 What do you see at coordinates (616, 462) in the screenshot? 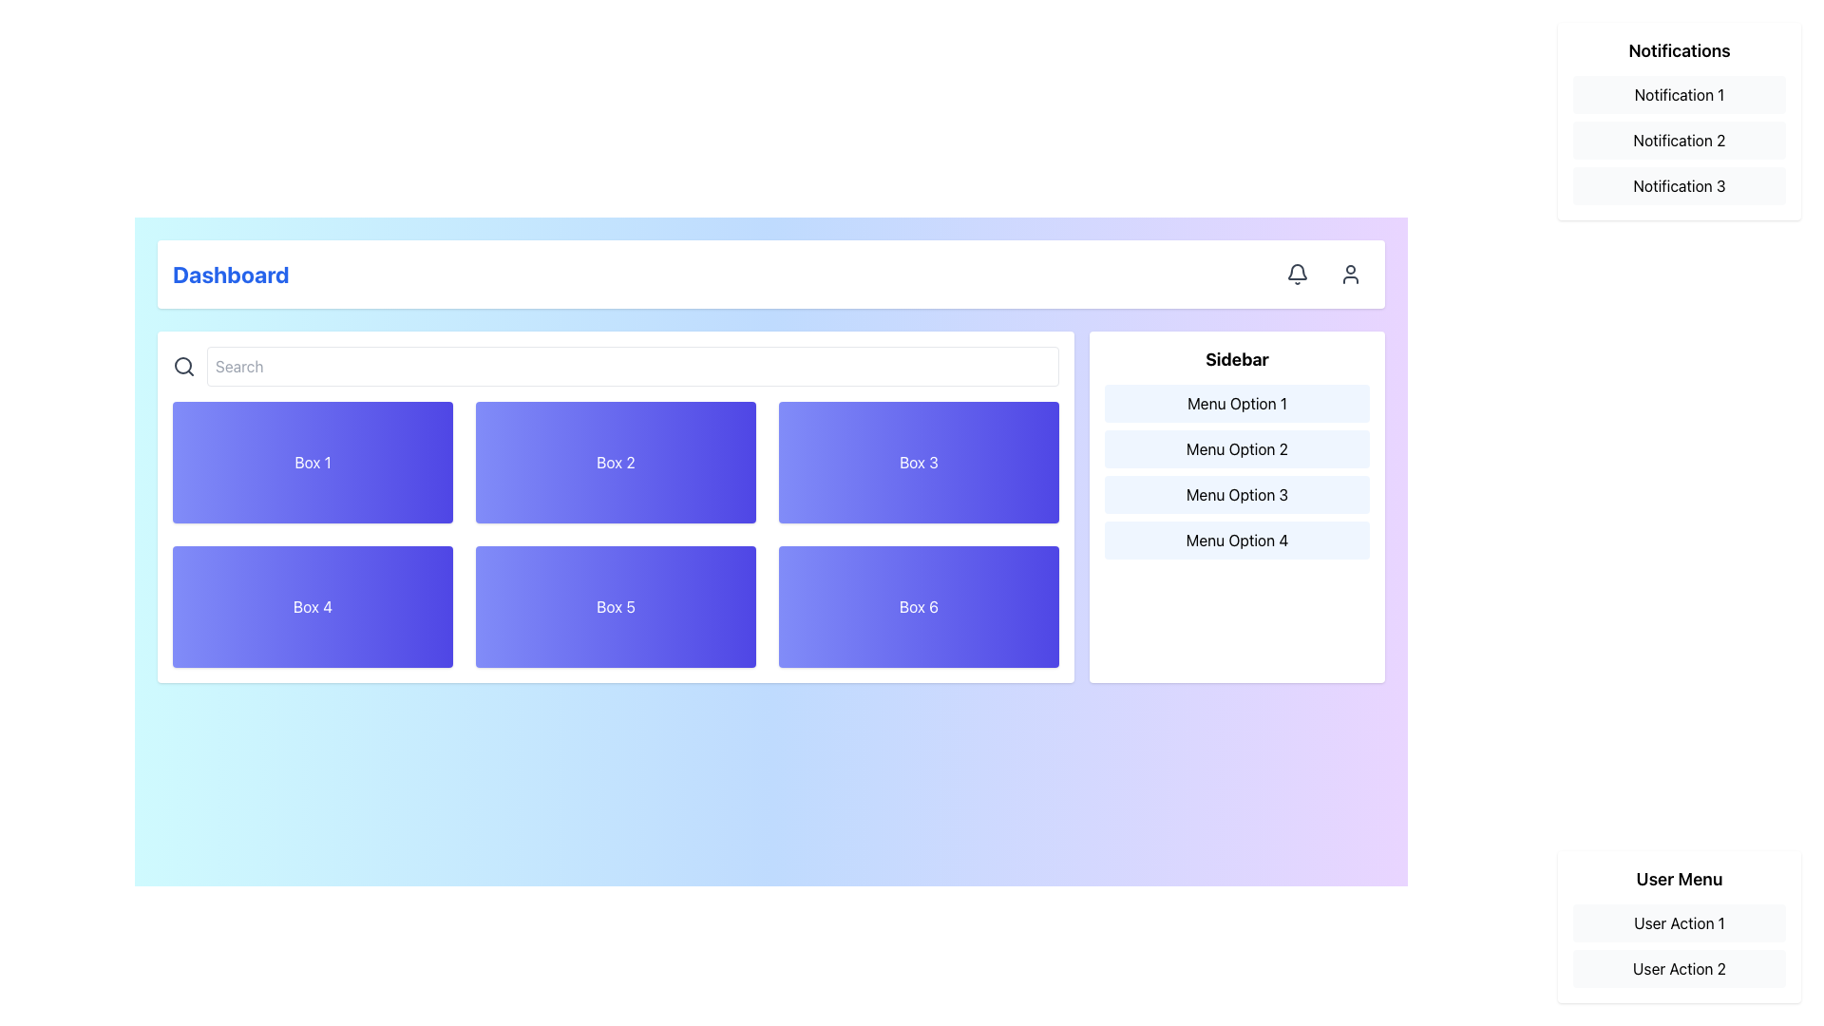
I see `the static display box labeled 'Box 2' that has a gradient background and white text, located in the top row, middle column of a grid` at bounding box center [616, 462].